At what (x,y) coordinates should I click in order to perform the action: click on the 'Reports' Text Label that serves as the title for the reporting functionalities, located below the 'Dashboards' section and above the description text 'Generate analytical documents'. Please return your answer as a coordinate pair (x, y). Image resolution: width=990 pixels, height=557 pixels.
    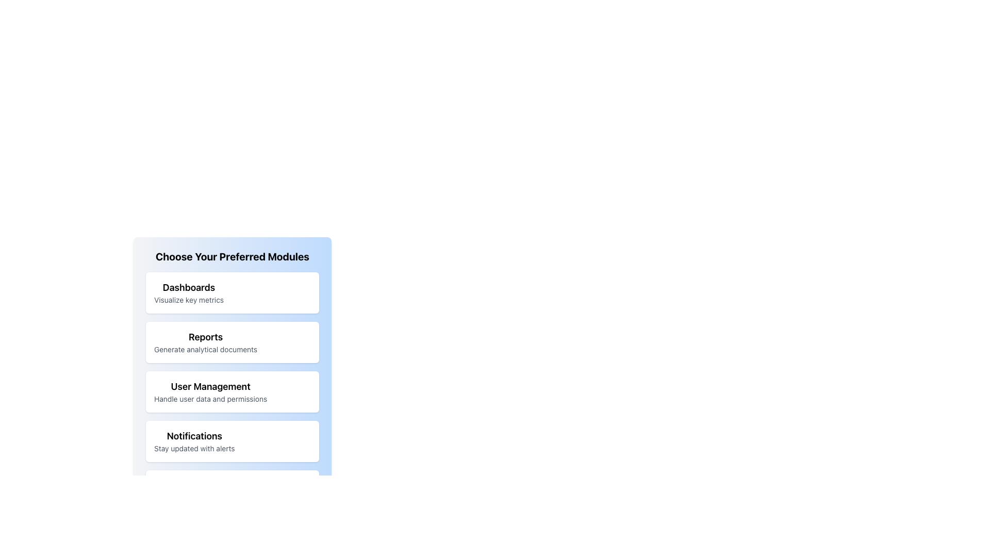
    Looking at the image, I should click on (205, 337).